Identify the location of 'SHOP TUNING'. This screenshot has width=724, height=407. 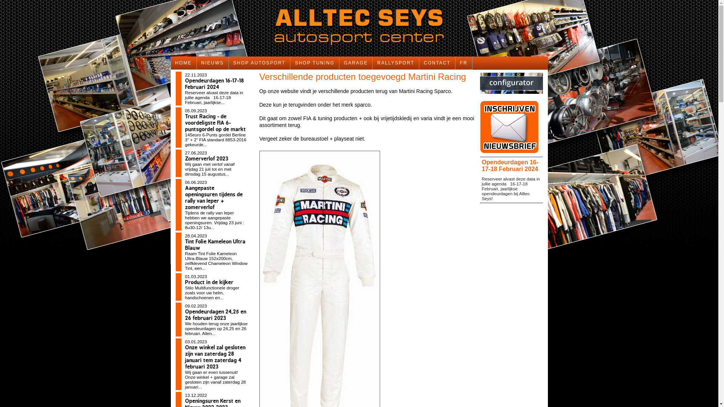
(315, 63).